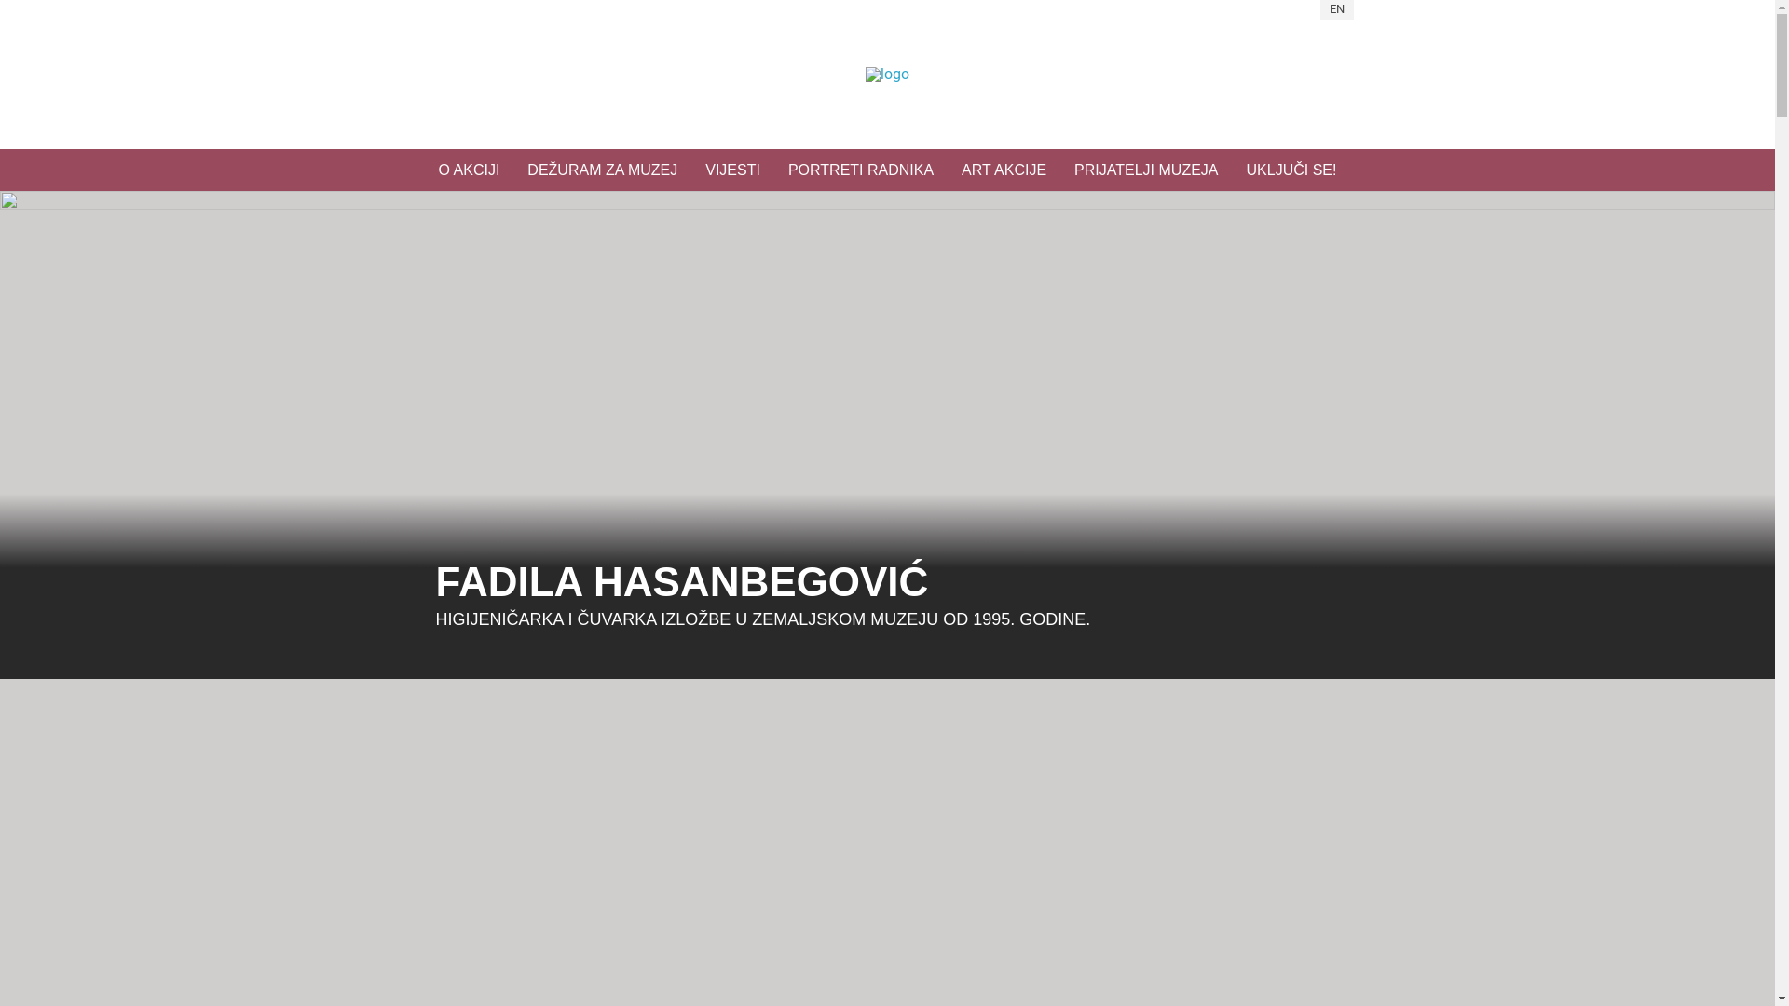 Image resolution: width=1789 pixels, height=1006 pixels. I want to click on 'Skip to main content', so click(67, 0).